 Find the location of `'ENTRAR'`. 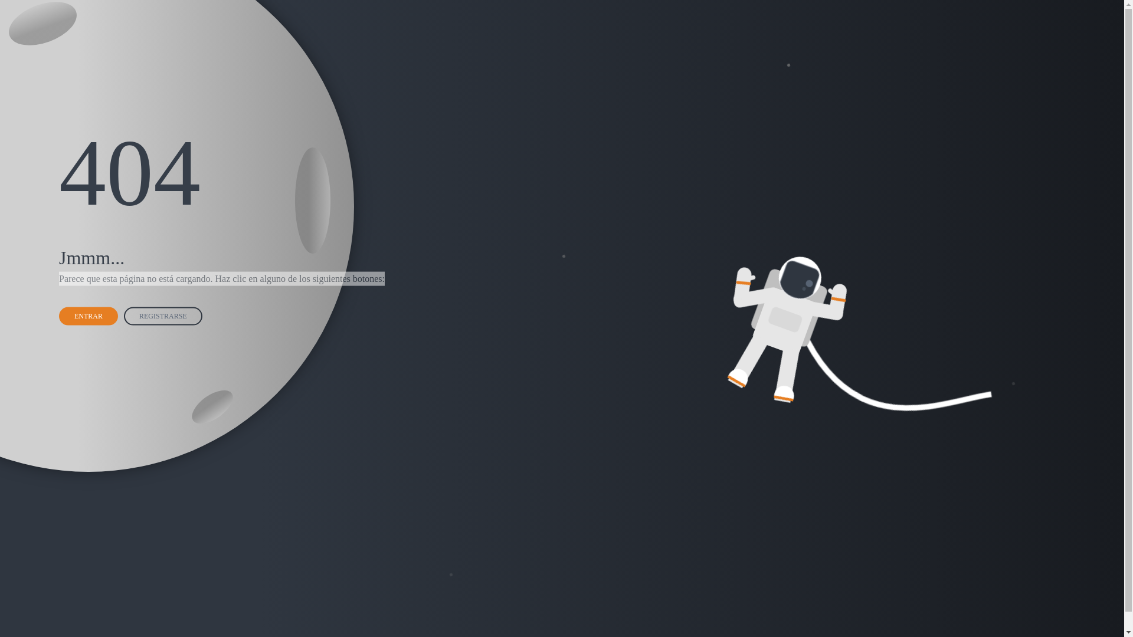

'ENTRAR' is located at coordinates (87, 316).